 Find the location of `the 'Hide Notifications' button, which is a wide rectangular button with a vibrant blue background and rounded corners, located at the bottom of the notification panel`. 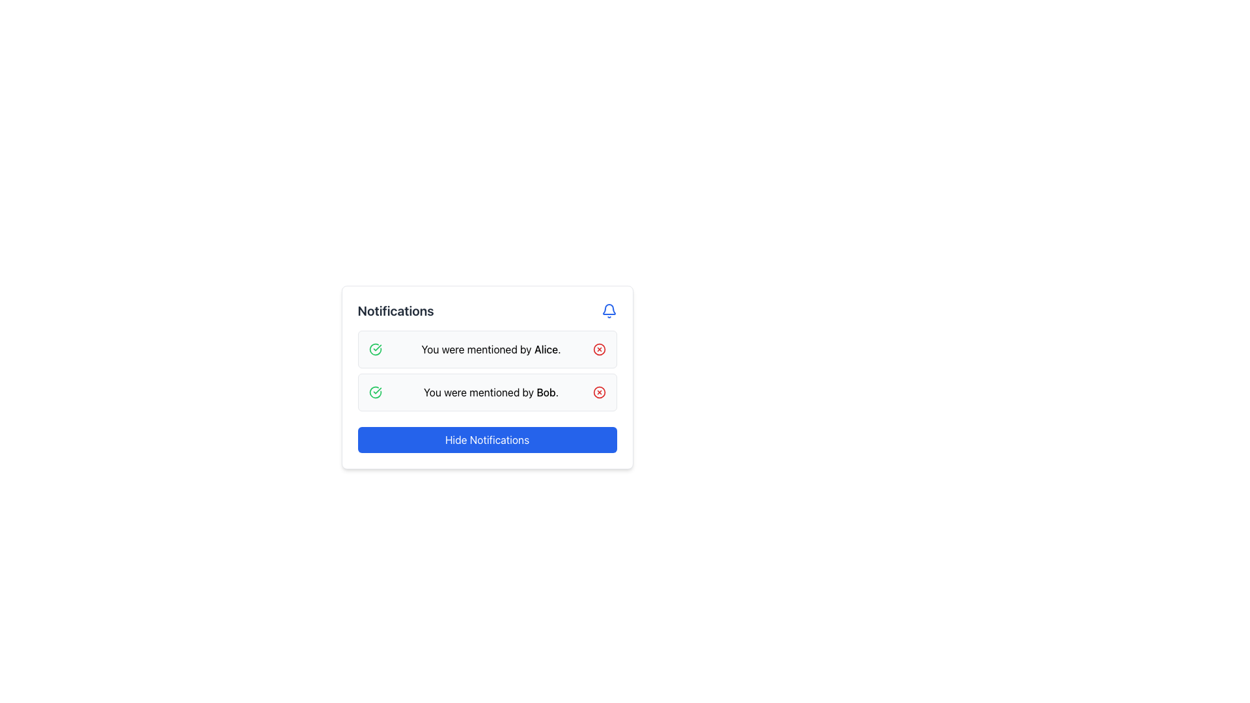

the 'Hide Notifications' button, which is a wide rectangular button with a vibrant blue background and rounded corners, located at the bottom of the notification panel is located at coordinates (486, 439).